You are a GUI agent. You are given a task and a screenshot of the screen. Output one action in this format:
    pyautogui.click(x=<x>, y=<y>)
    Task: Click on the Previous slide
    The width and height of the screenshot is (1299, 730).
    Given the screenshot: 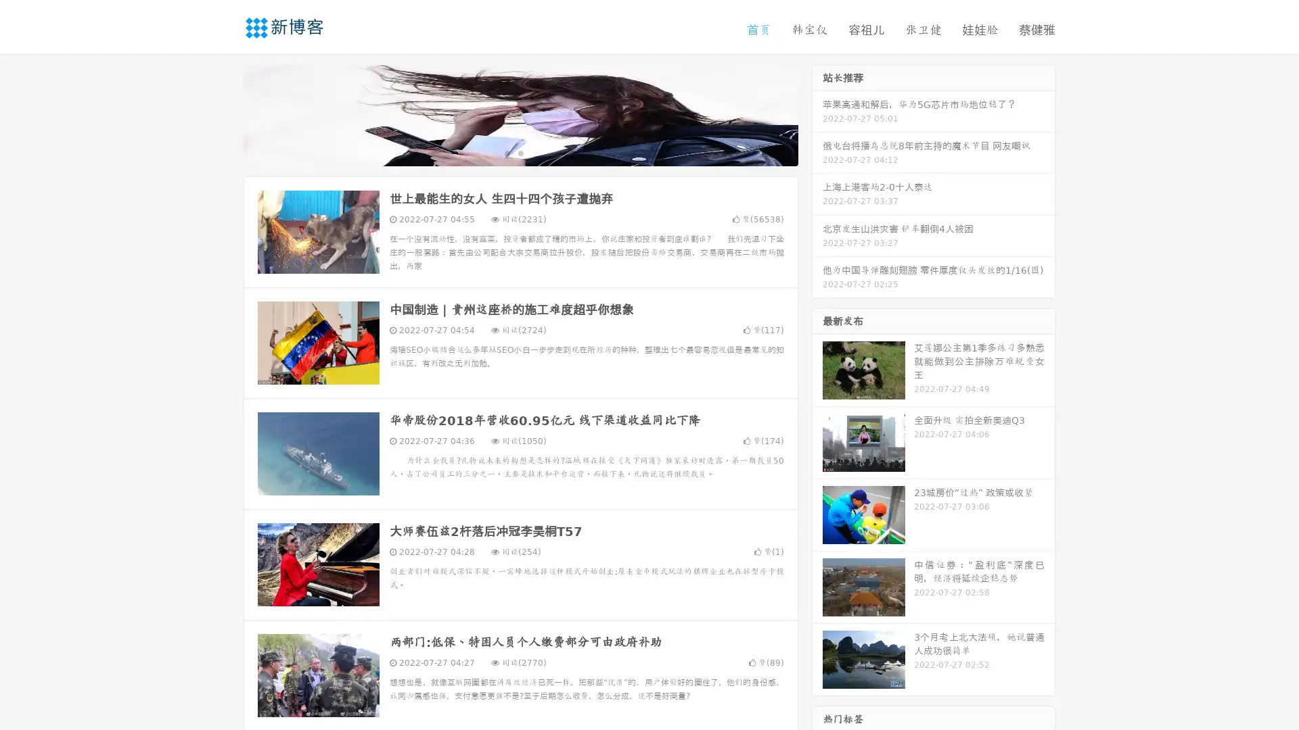 What is the action you would take?
    pyautogui.click(x=223, y=114)
    